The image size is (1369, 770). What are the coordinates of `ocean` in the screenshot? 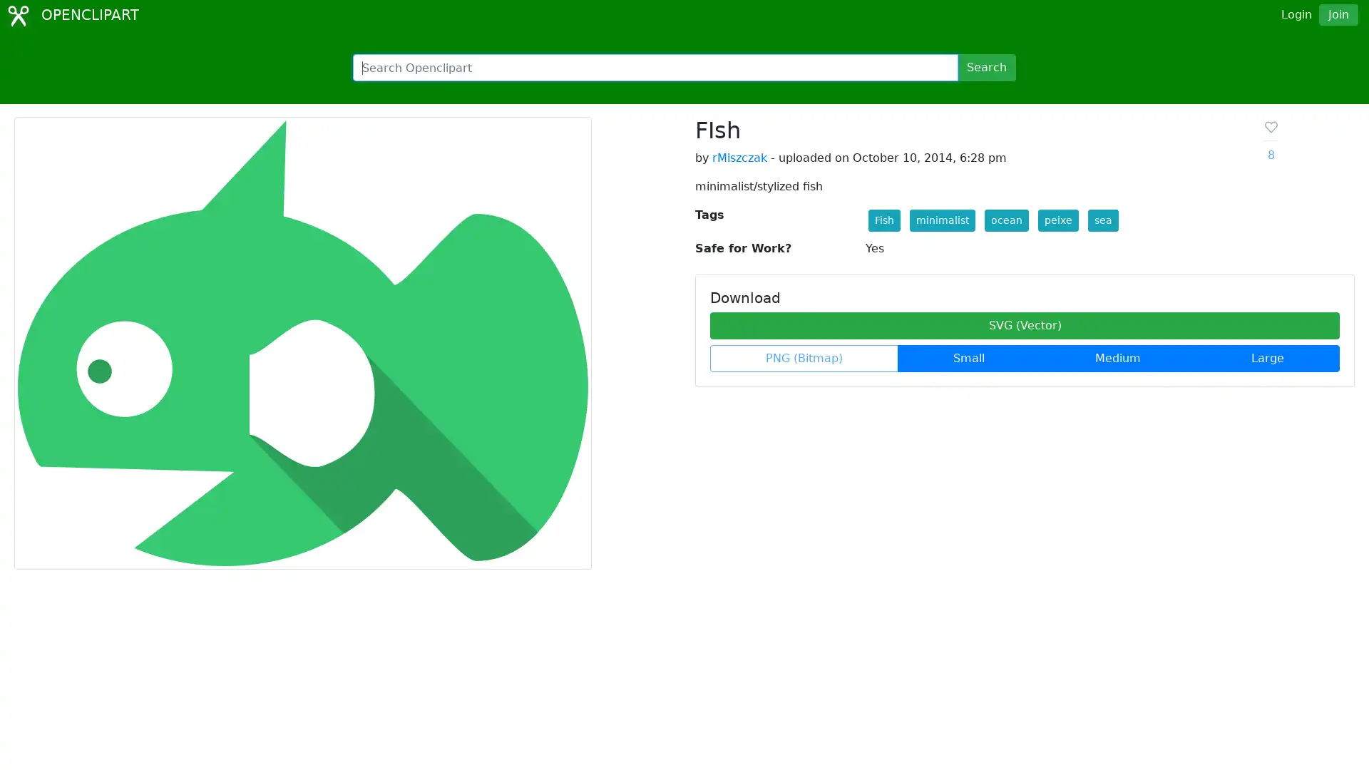 It's located at (1005, 220).